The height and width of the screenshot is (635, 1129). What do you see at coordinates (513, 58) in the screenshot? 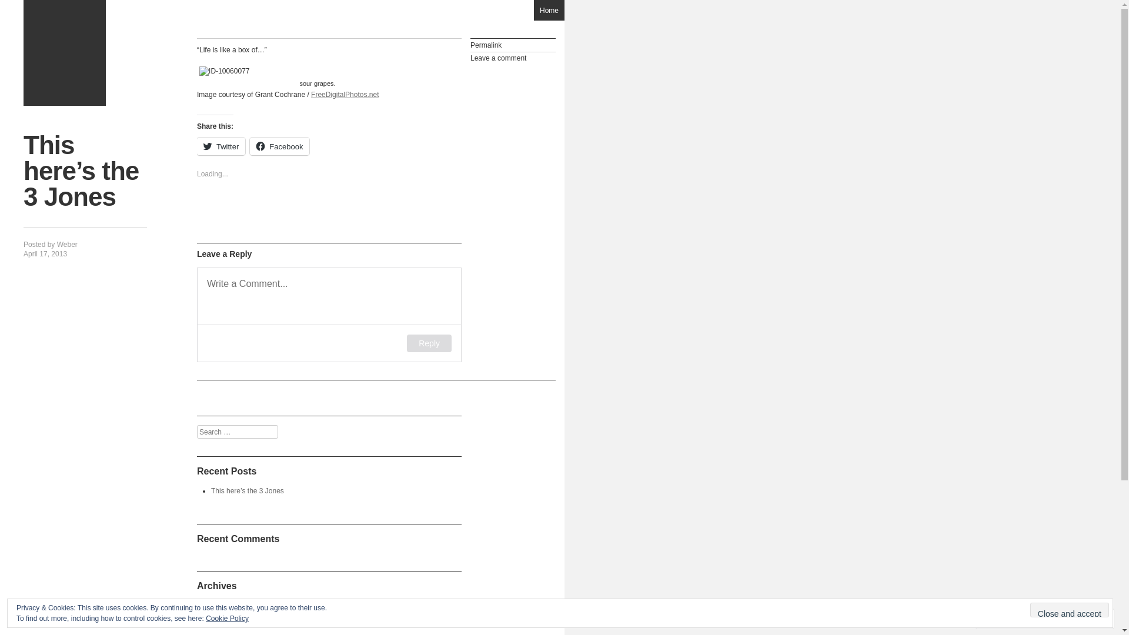
I see `'Leave a comment'` at bounding box center [513, 58].